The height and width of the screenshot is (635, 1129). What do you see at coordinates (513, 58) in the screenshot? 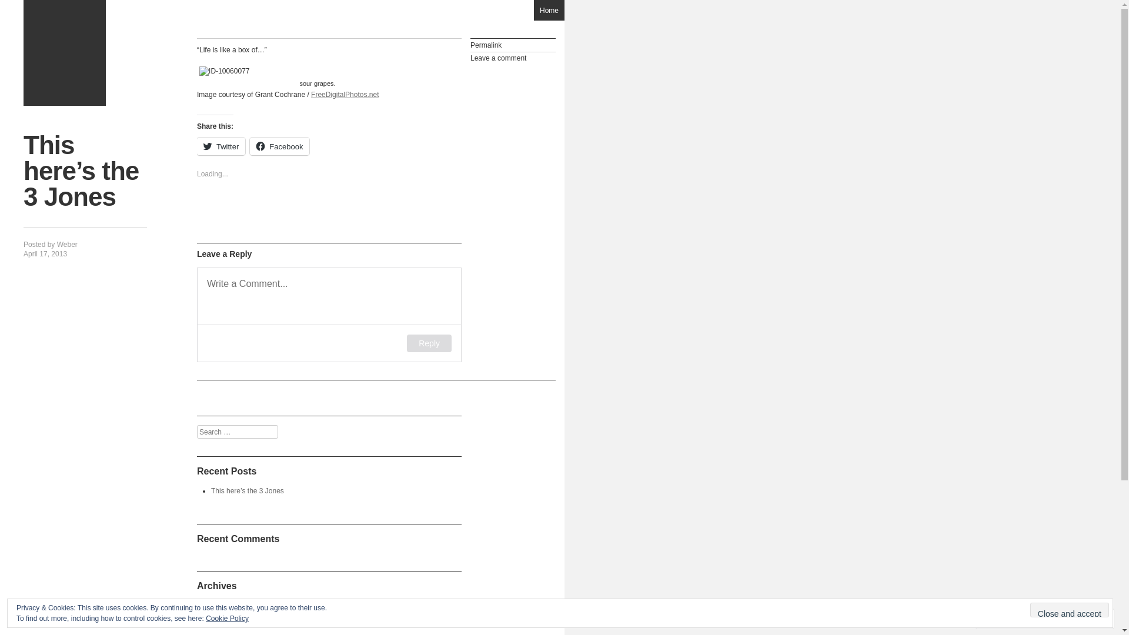
I see `'Leave a comment'` at bounding box center [513, 58].